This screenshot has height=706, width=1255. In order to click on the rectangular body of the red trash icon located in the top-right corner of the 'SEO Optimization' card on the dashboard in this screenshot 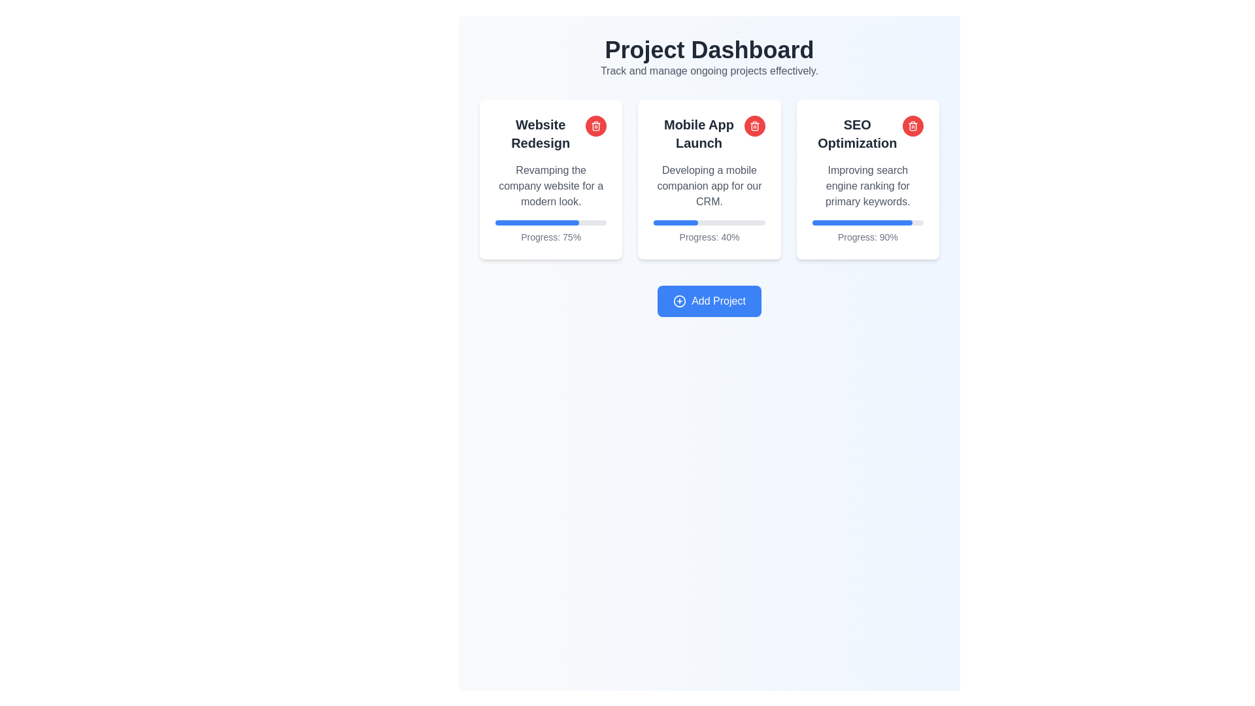, I will do `click(912, 127)`.